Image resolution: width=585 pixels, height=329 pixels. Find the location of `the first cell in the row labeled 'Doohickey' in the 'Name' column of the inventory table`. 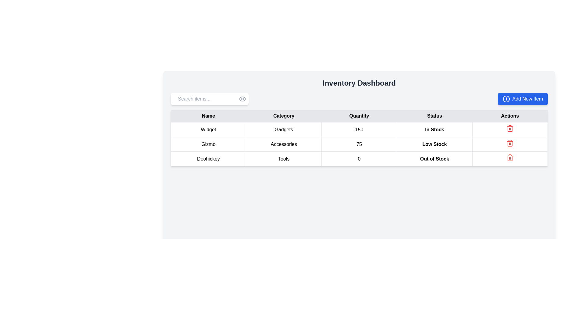

the first cell in the row labeled 'Doohickey' in the 'Name' column of the inventory table is located at coordinates (208, 158).